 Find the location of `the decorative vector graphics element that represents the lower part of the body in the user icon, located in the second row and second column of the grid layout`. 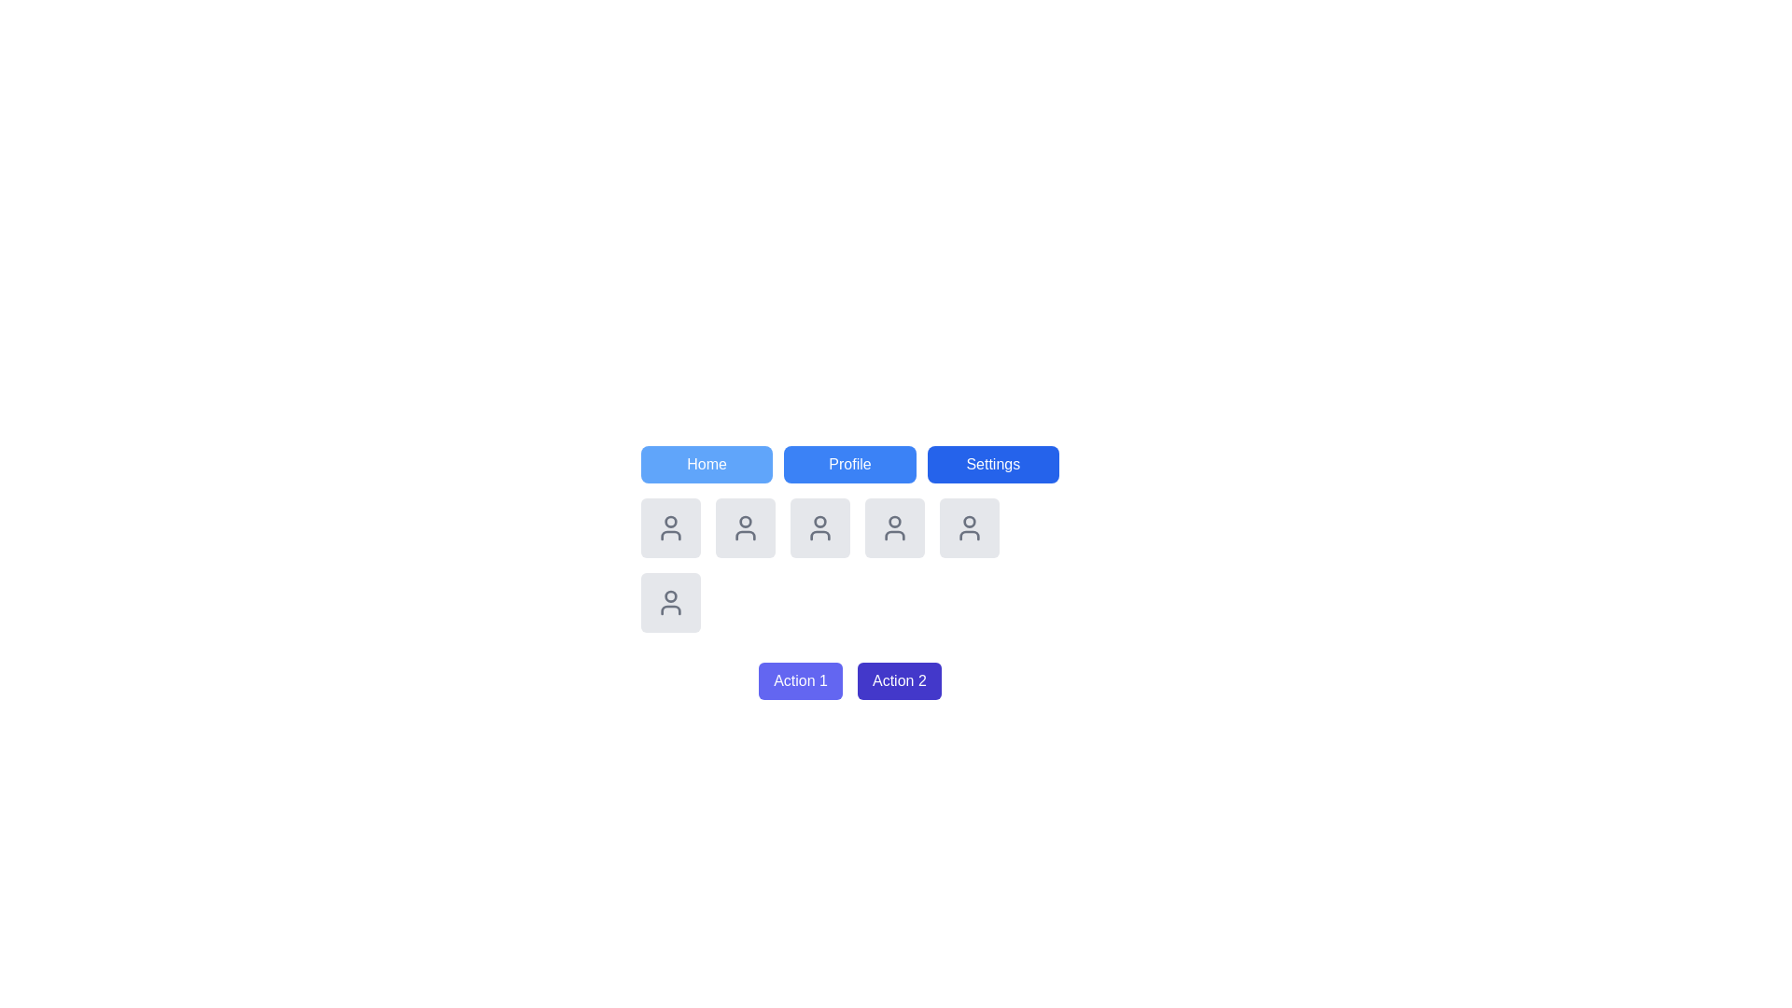

the decorative vector graphics element that represents the lower part of the body in the user icon, located in the second row and second column of the grid layout is located at coordinates (744, 536).